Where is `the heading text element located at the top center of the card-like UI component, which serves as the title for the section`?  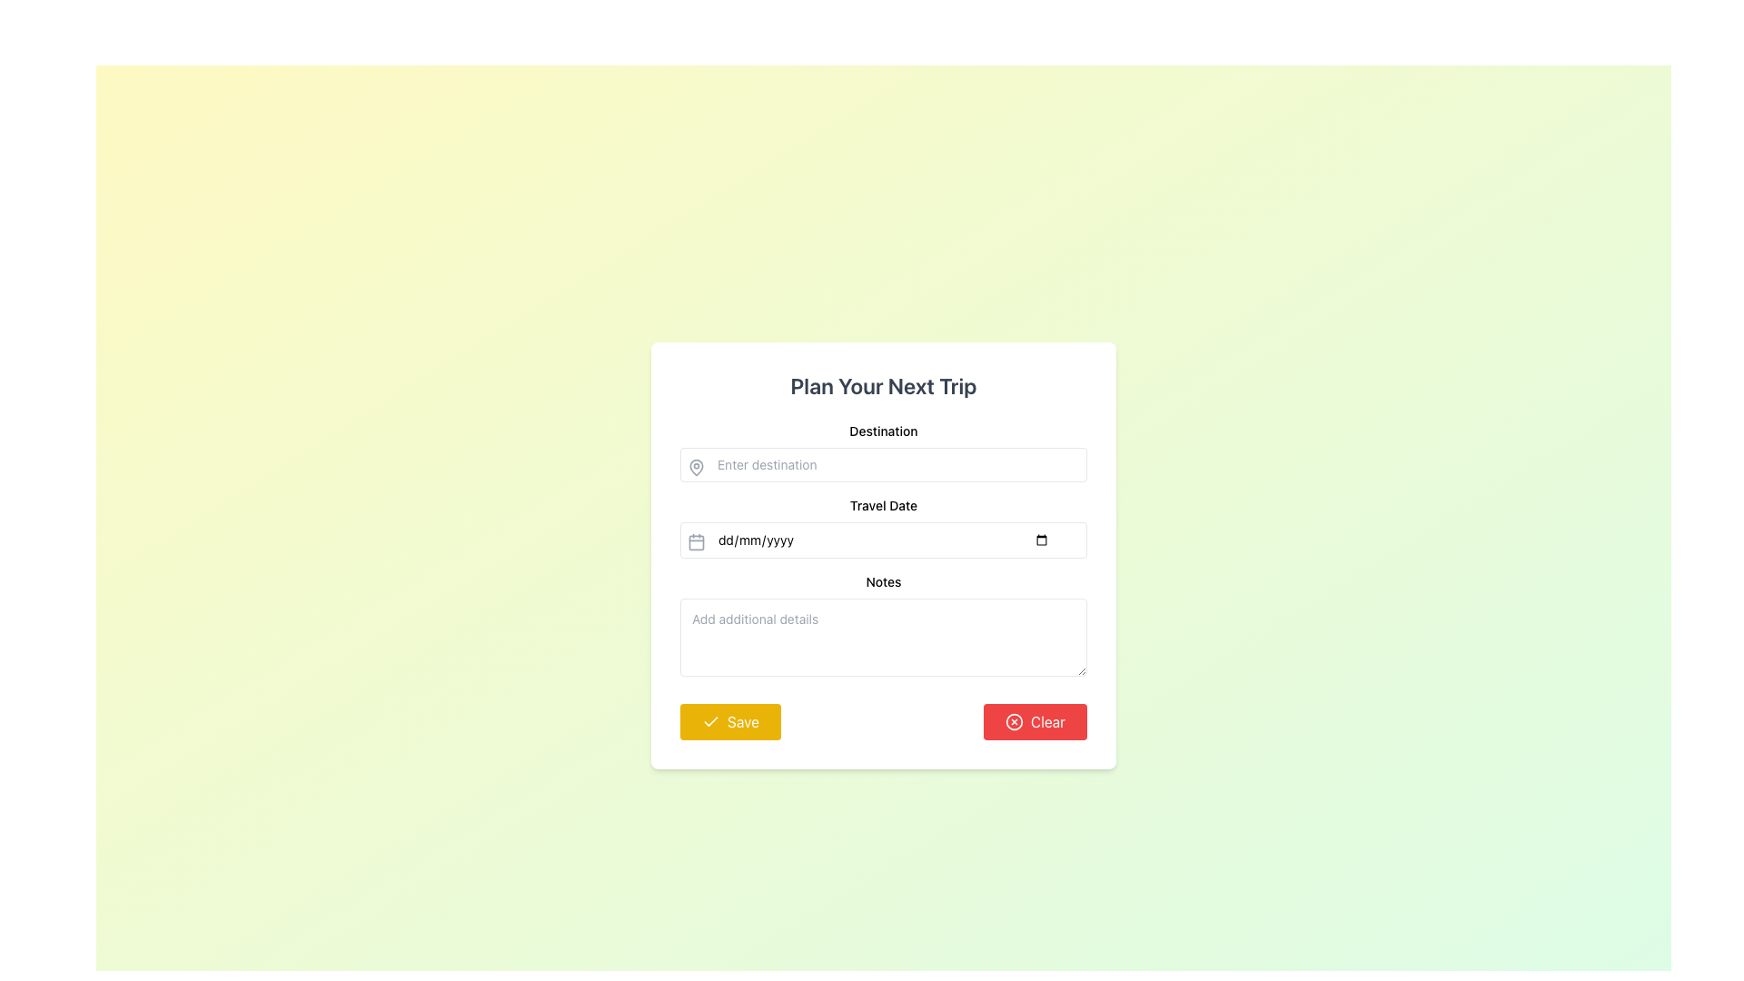 the heading text element located at the top center of the card-like UI component, which serves as the title for the section is located at coordinates (884, 384).